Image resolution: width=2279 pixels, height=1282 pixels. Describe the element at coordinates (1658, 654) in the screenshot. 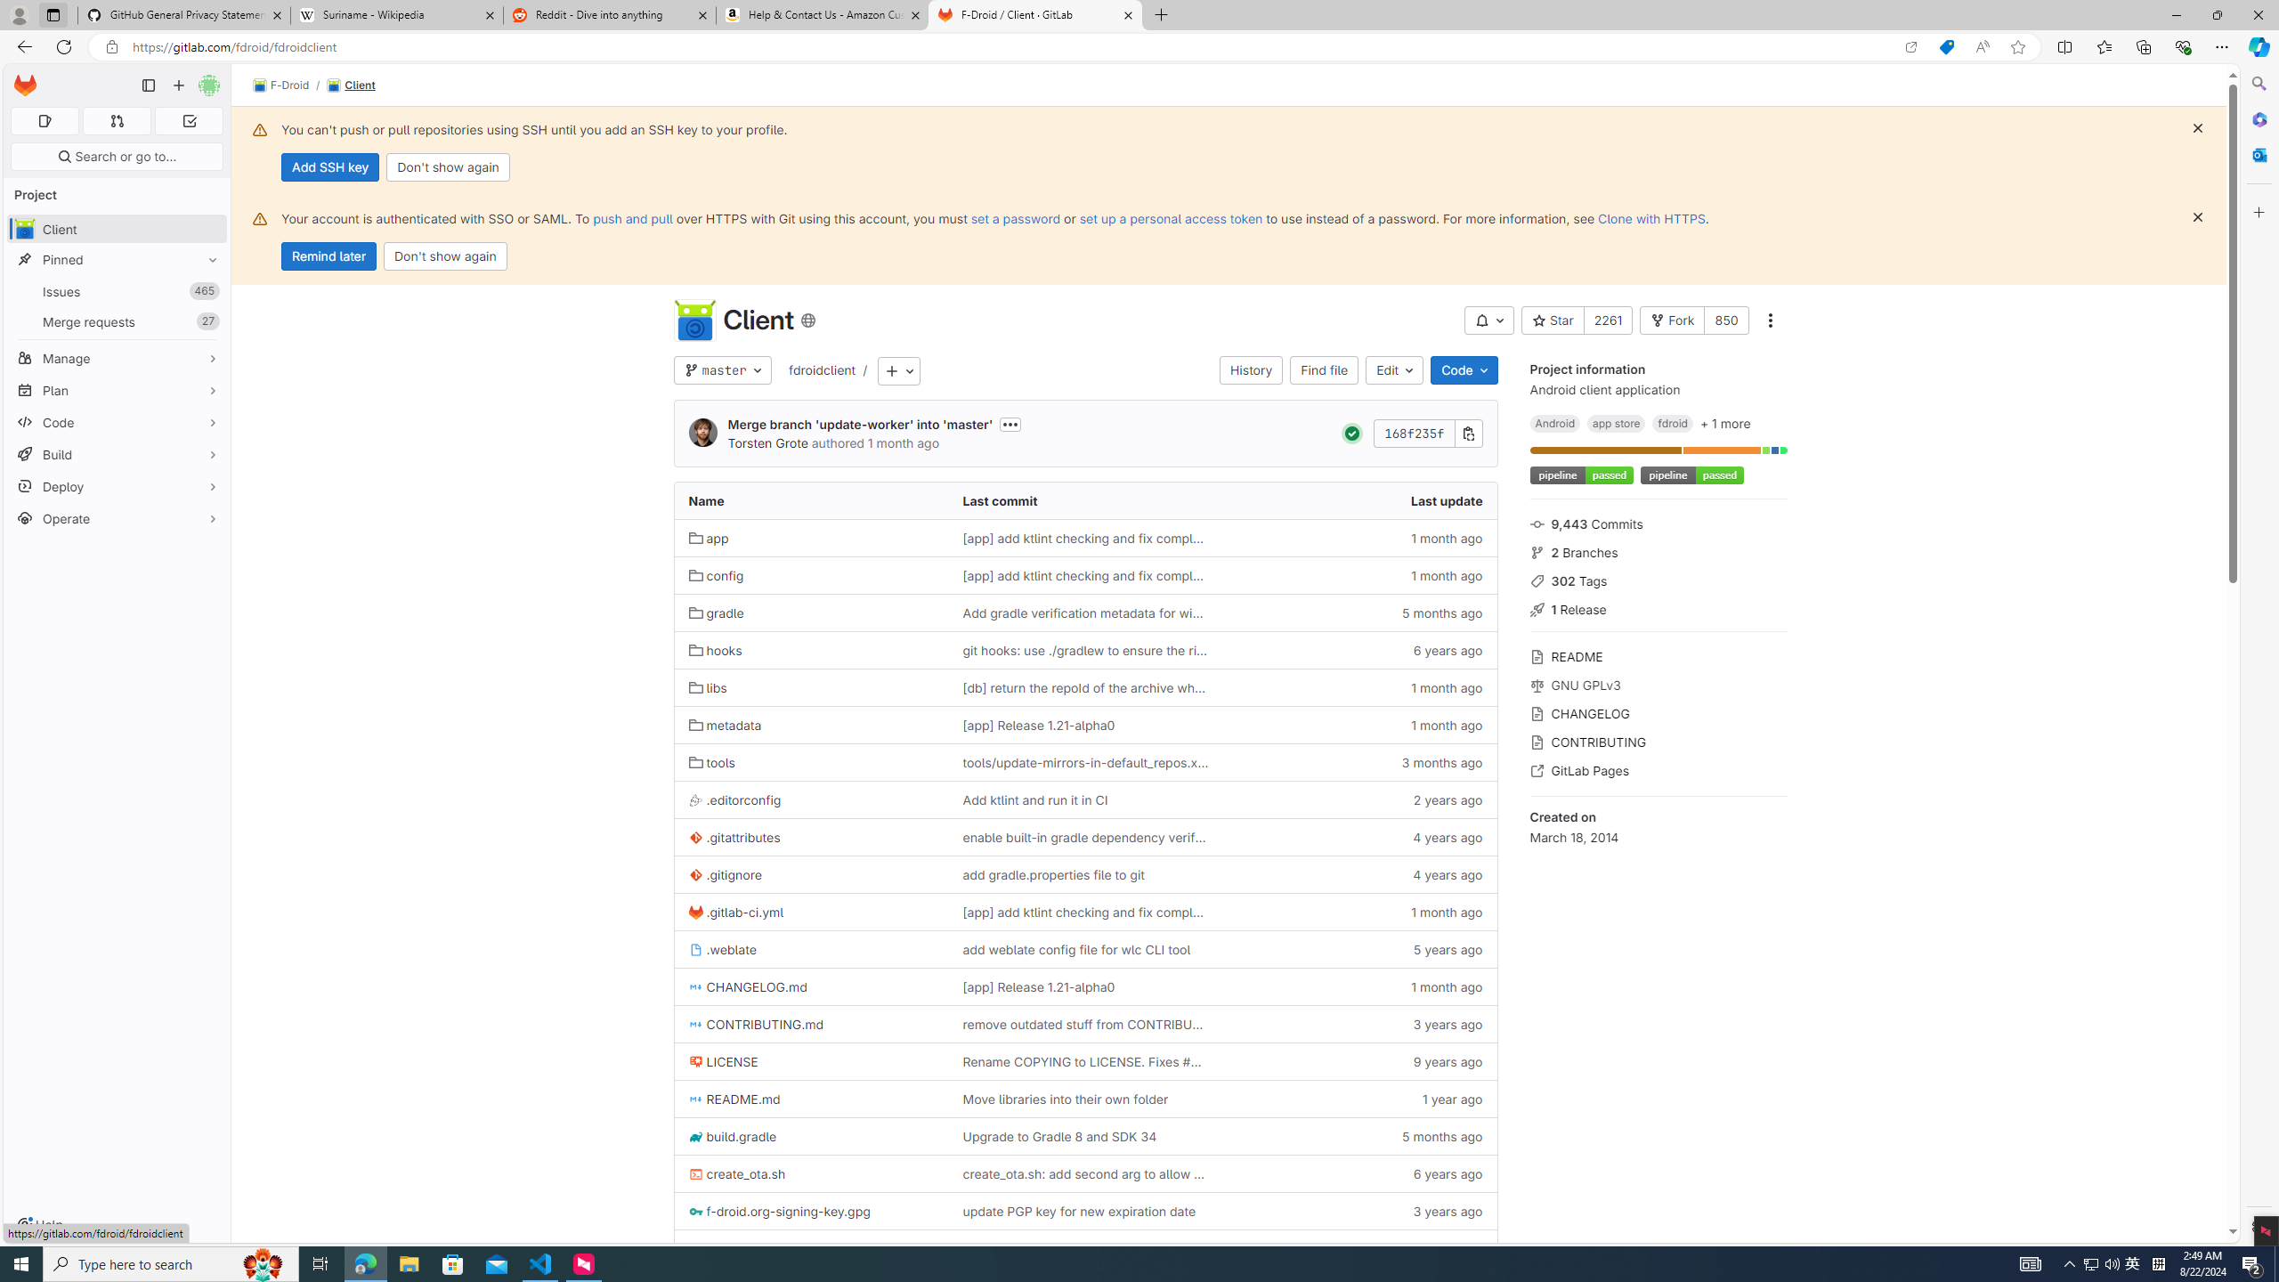

I see `'README'` at that location.